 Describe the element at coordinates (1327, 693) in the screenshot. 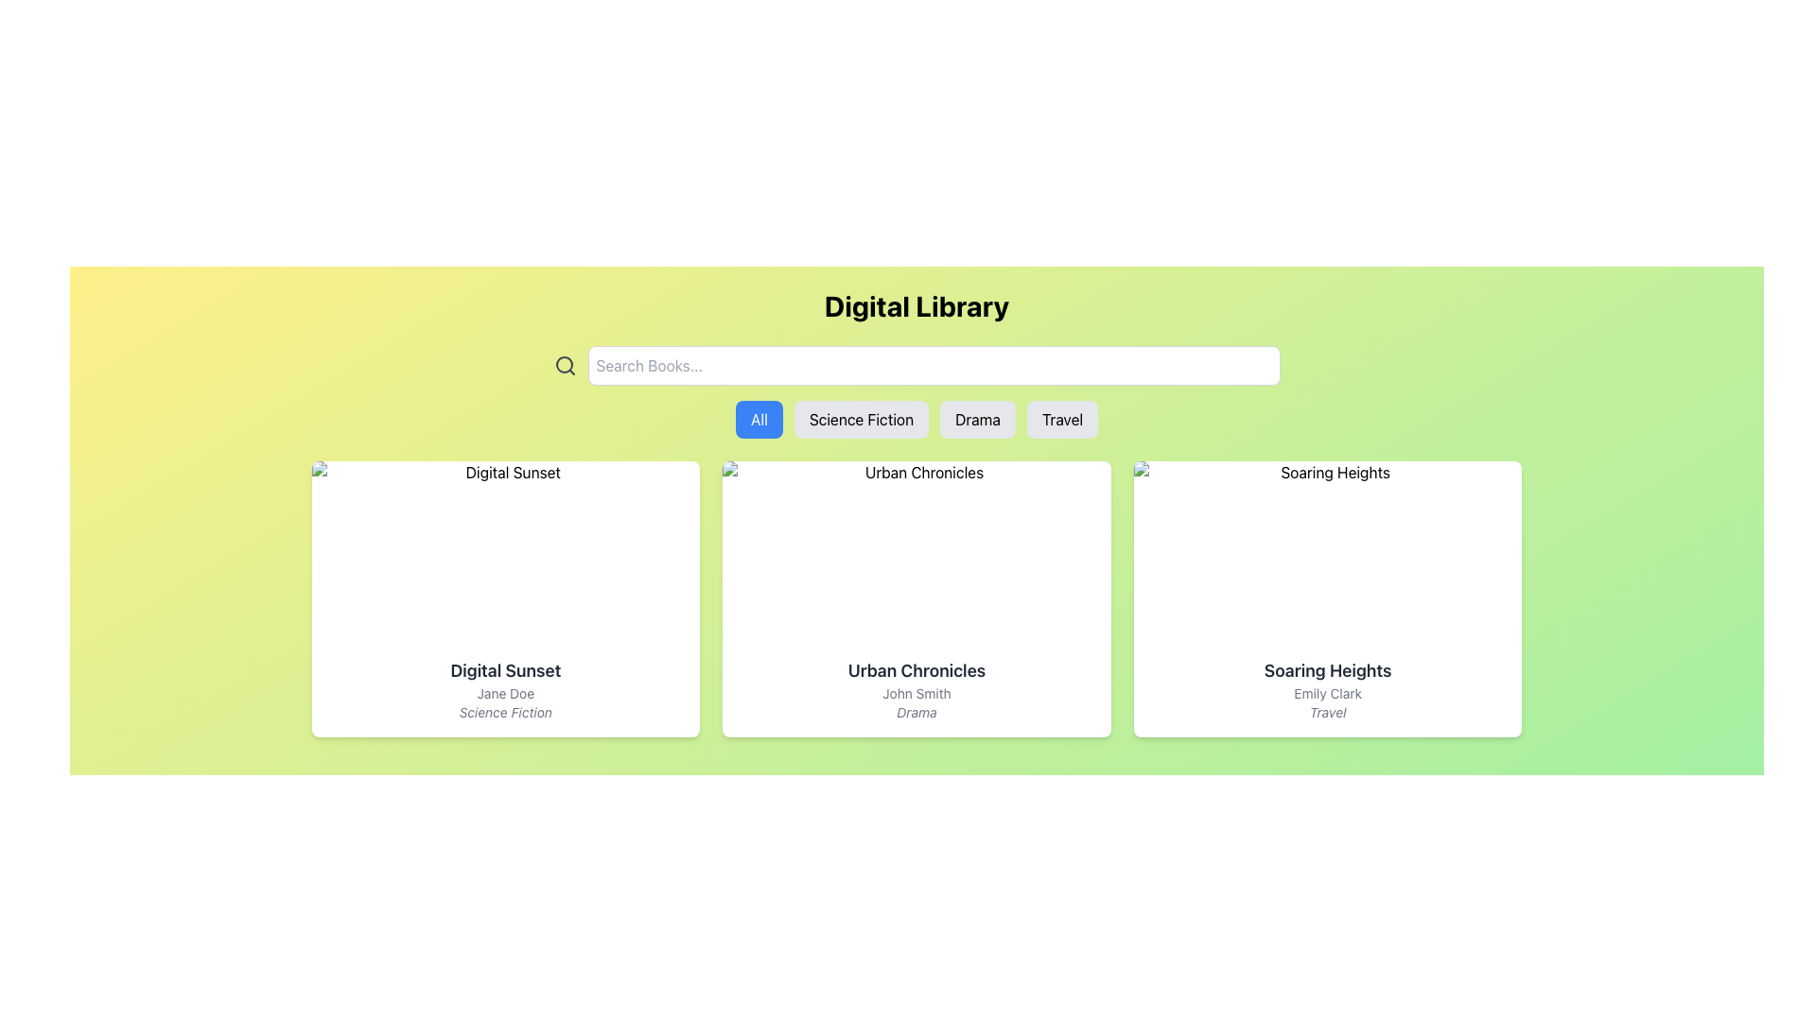

I see `text element displaying 'Emily Clark', which is styled in gray and located between the title 'Soaring Heights' and the description 'Travel'` at that location.